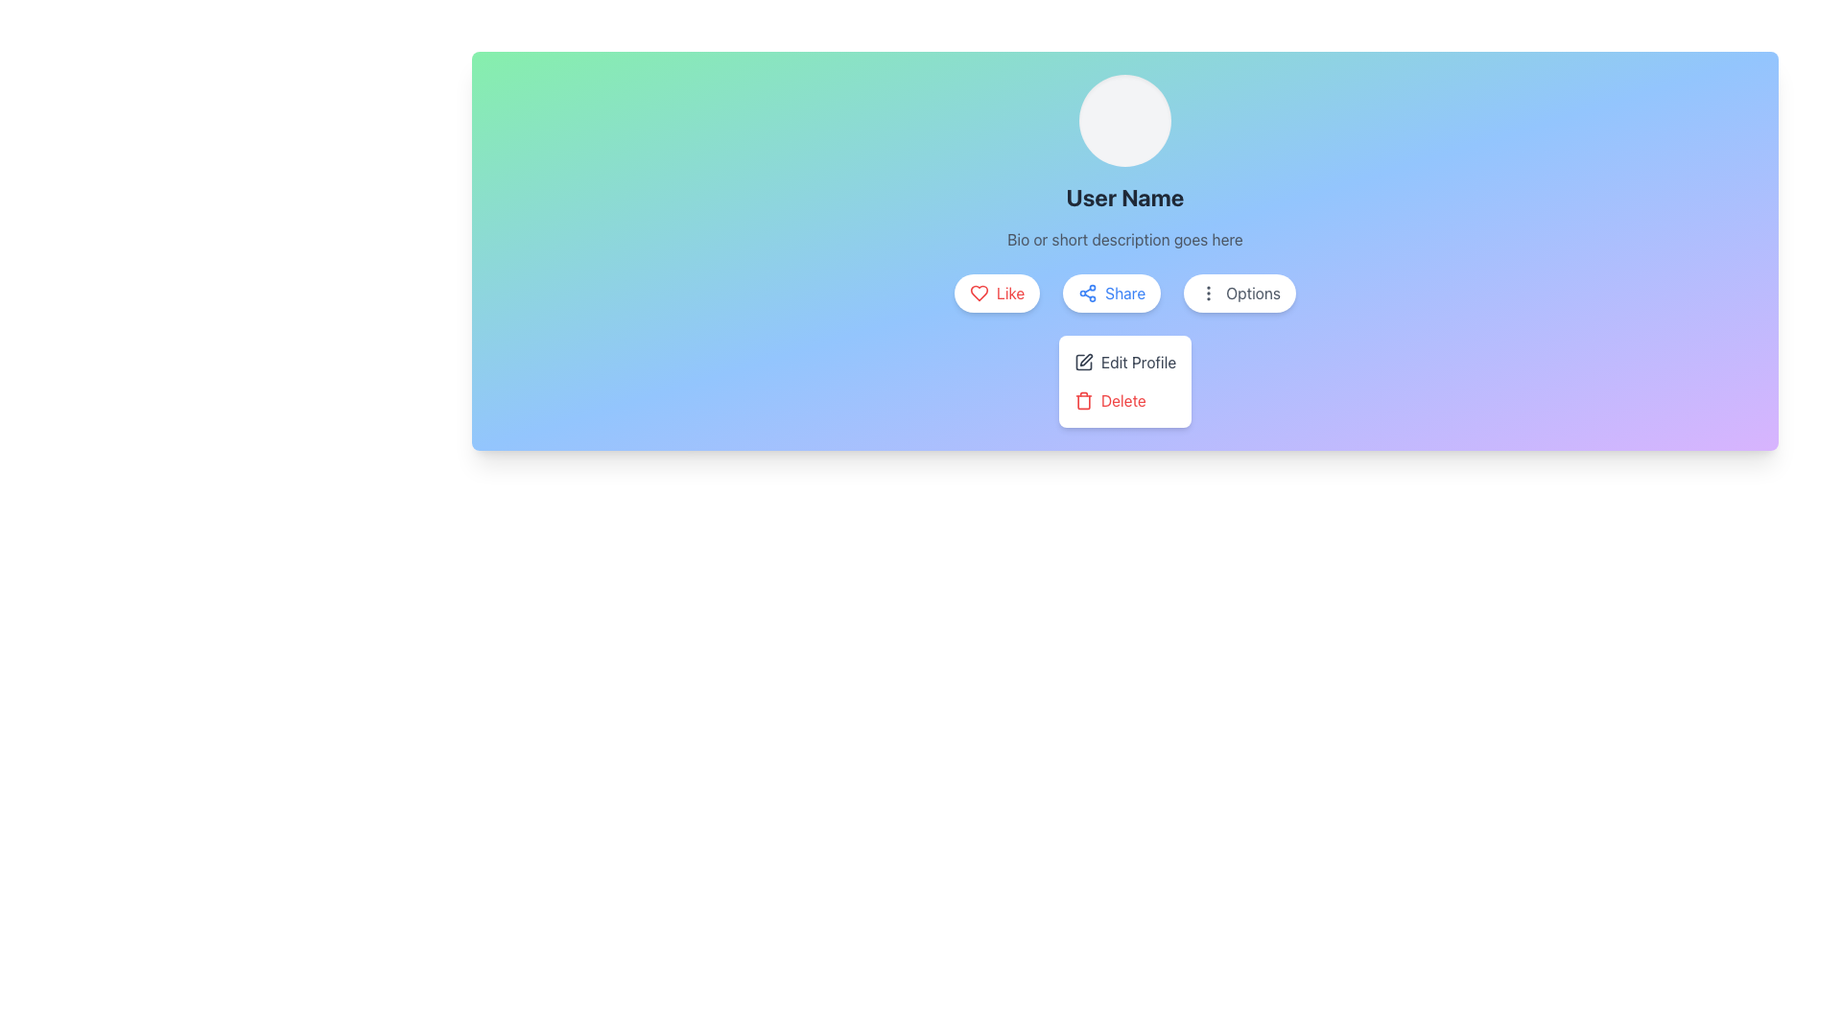 The image size is (1842, 1036). Describe the element at coordinates (1208, 293) in the screenshot. I see `the Ellipsis icon, which consists of three vertically aligned circles` at that location.